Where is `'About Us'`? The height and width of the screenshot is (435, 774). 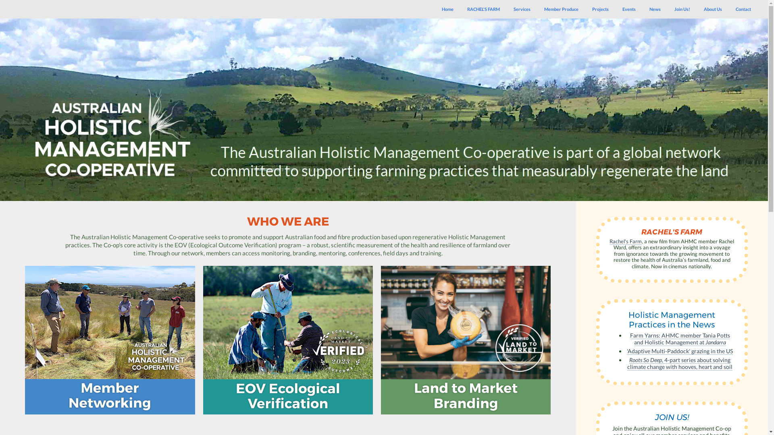
'About Us' is located at coordinates (713, 9).